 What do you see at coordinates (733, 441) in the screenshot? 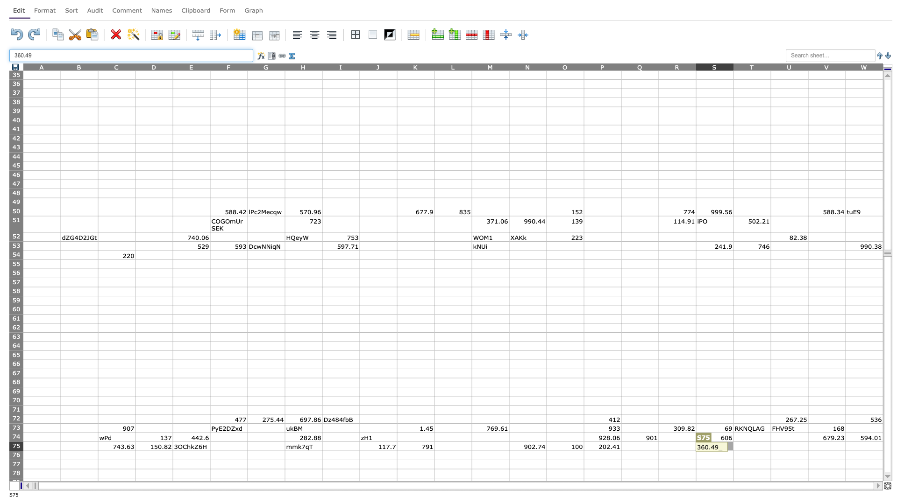
I see `top left corner of T75` at bounding box center [733, 441].